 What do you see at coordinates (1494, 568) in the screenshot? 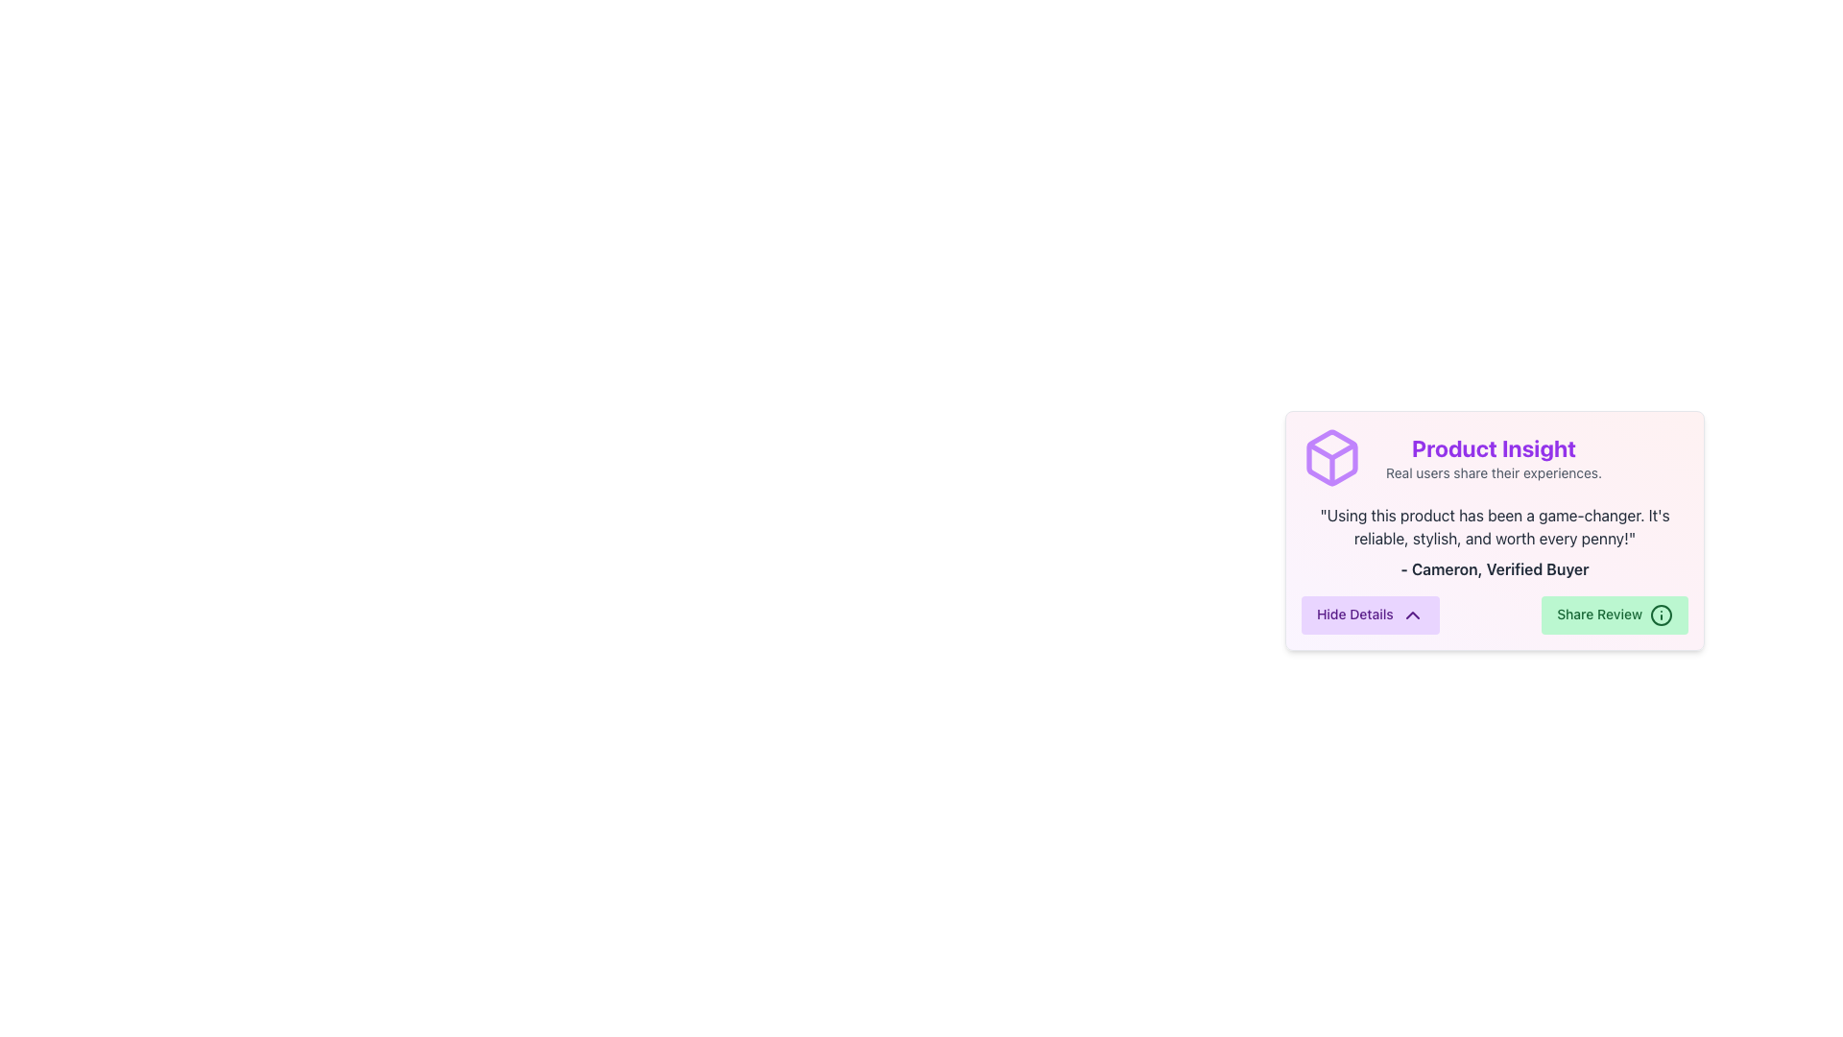
I see `the static text label displaying '- Cameron, Verified Buyer', which is positioned at the bottom of the 'Product Insight' card, directly below the testimonial text` at bounding box center [1494, 568].